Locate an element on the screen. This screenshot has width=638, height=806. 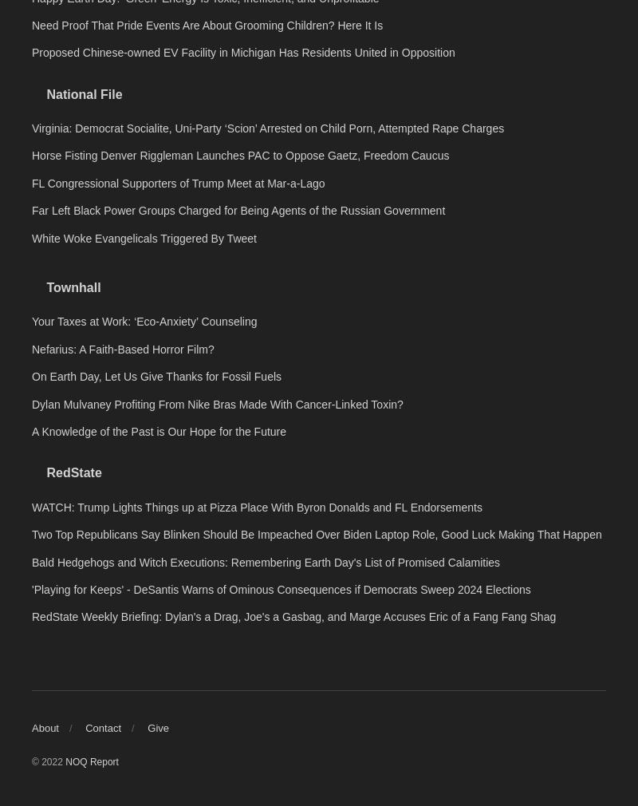
'RedState' is located at coordinates (73, 696).